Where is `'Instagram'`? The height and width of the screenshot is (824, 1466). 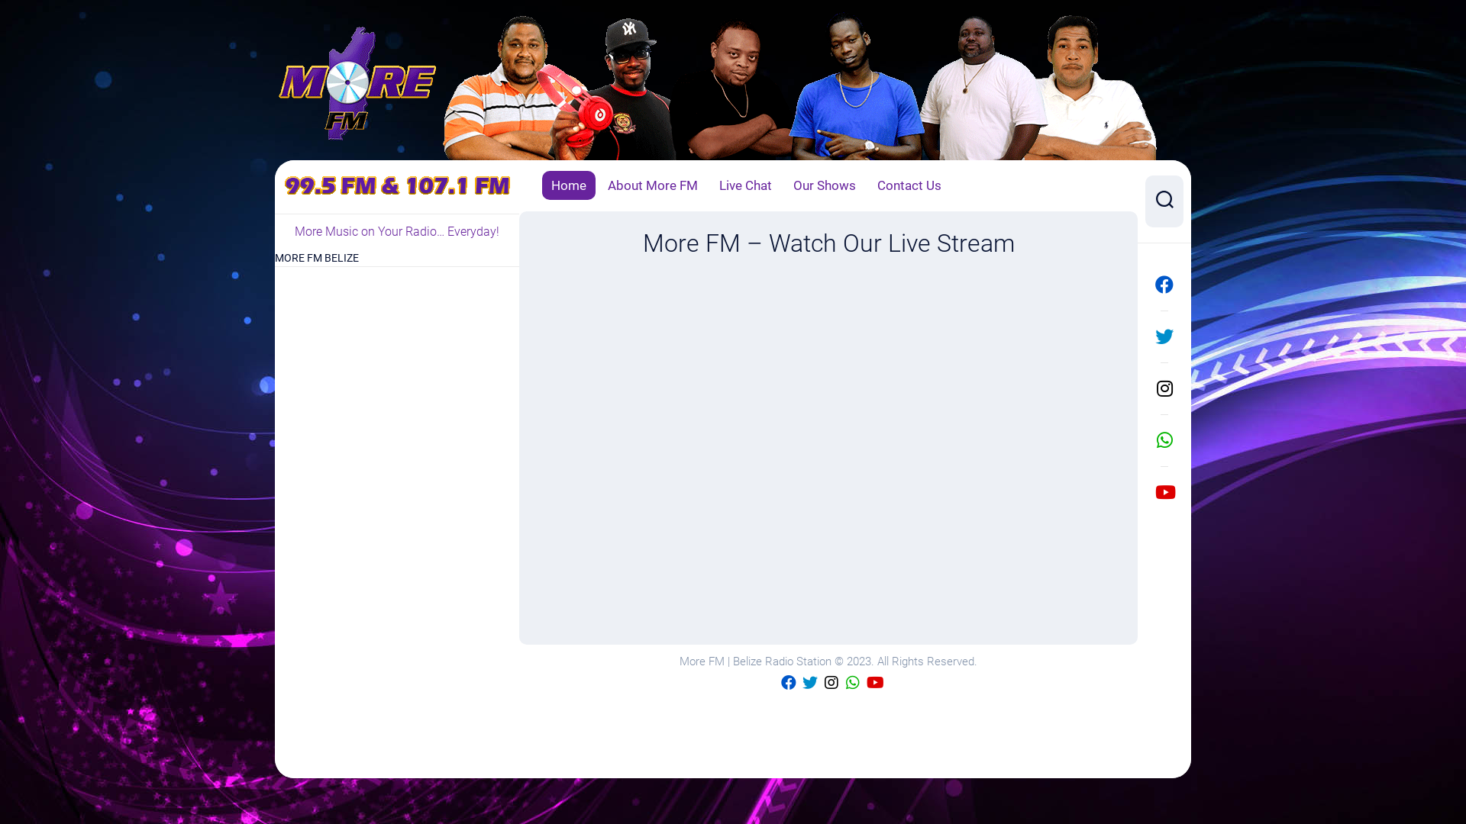
'Instagram' is located at coordinates (1145, 388).